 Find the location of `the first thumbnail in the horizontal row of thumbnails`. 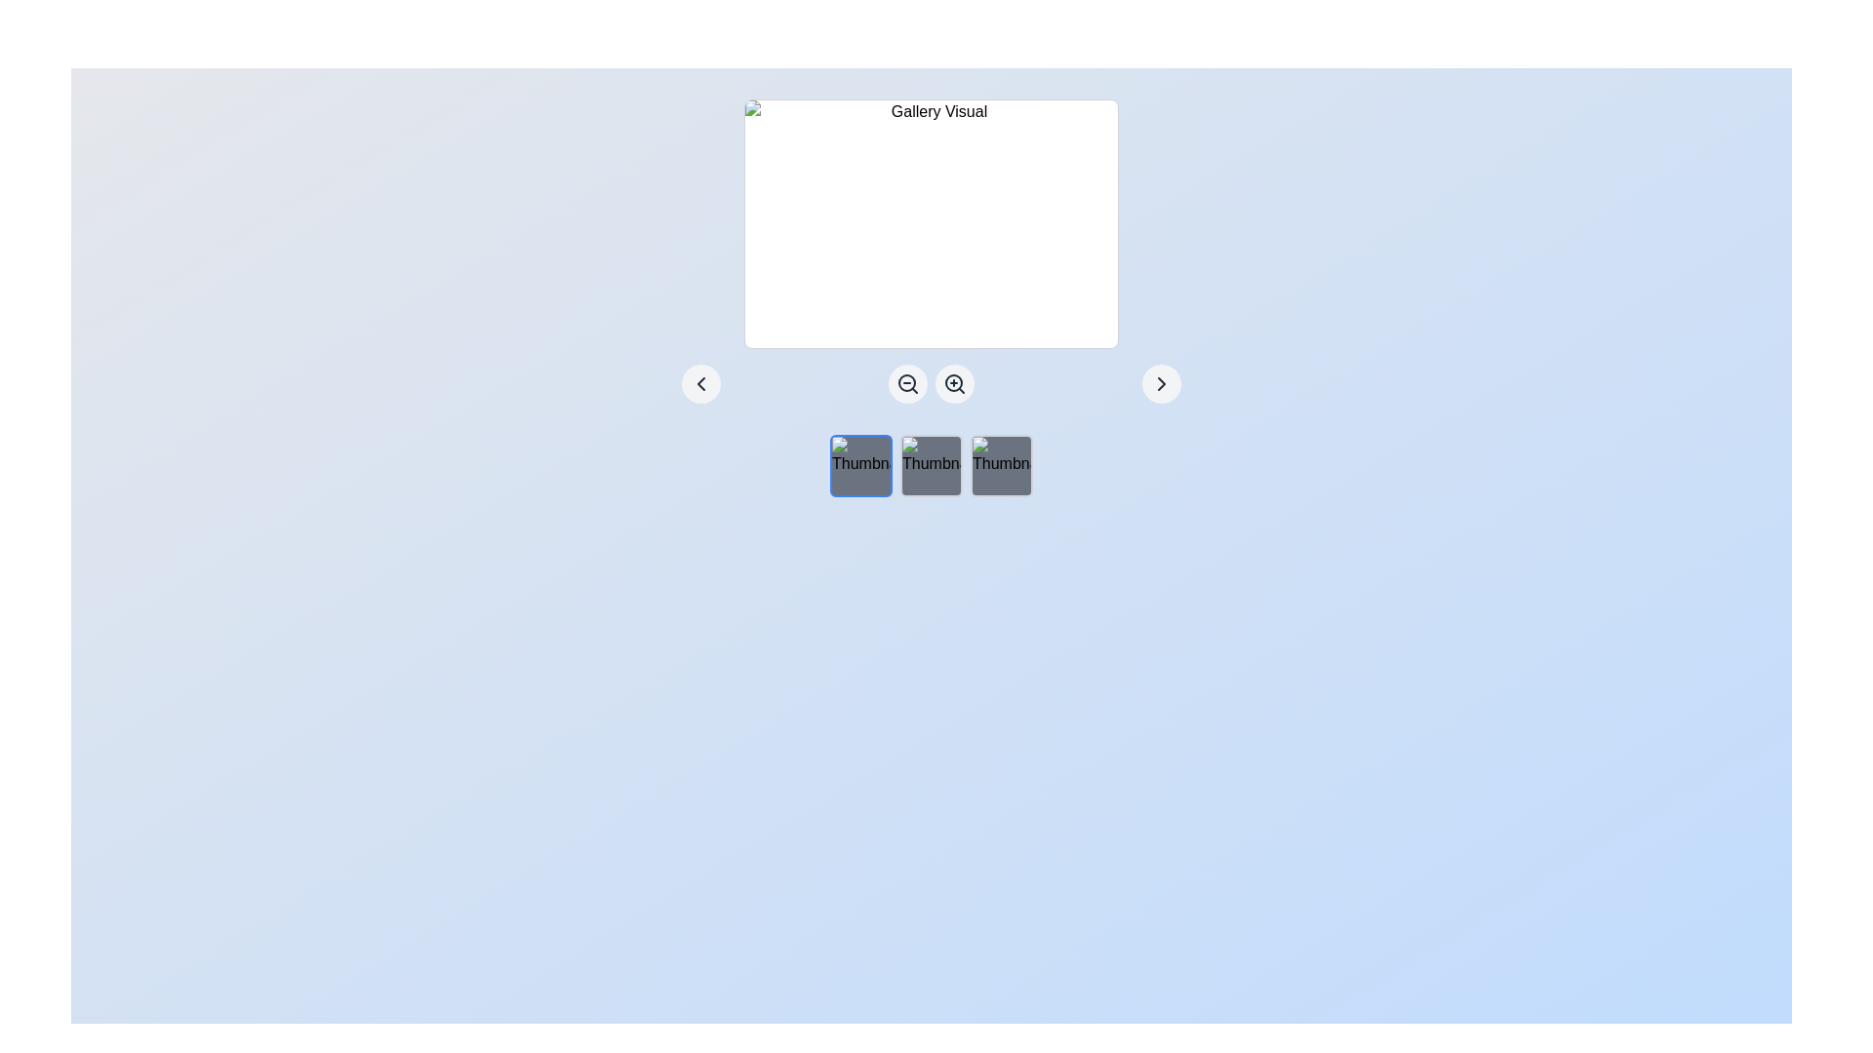

the first thumbnail in the horizontal row of thumbnails is located at coordinates (860, 466).